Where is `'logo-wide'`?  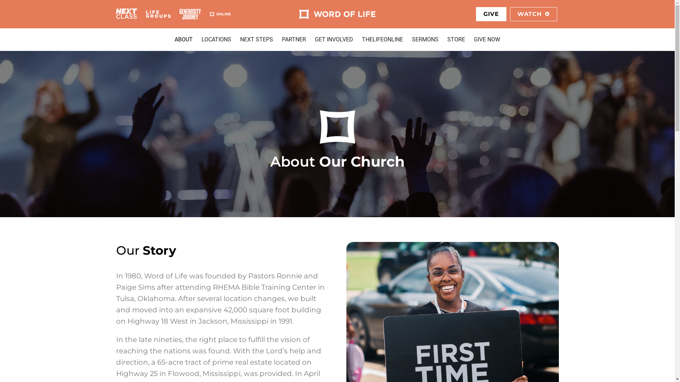 'logo-wide' is located at coordinates (336, 126).